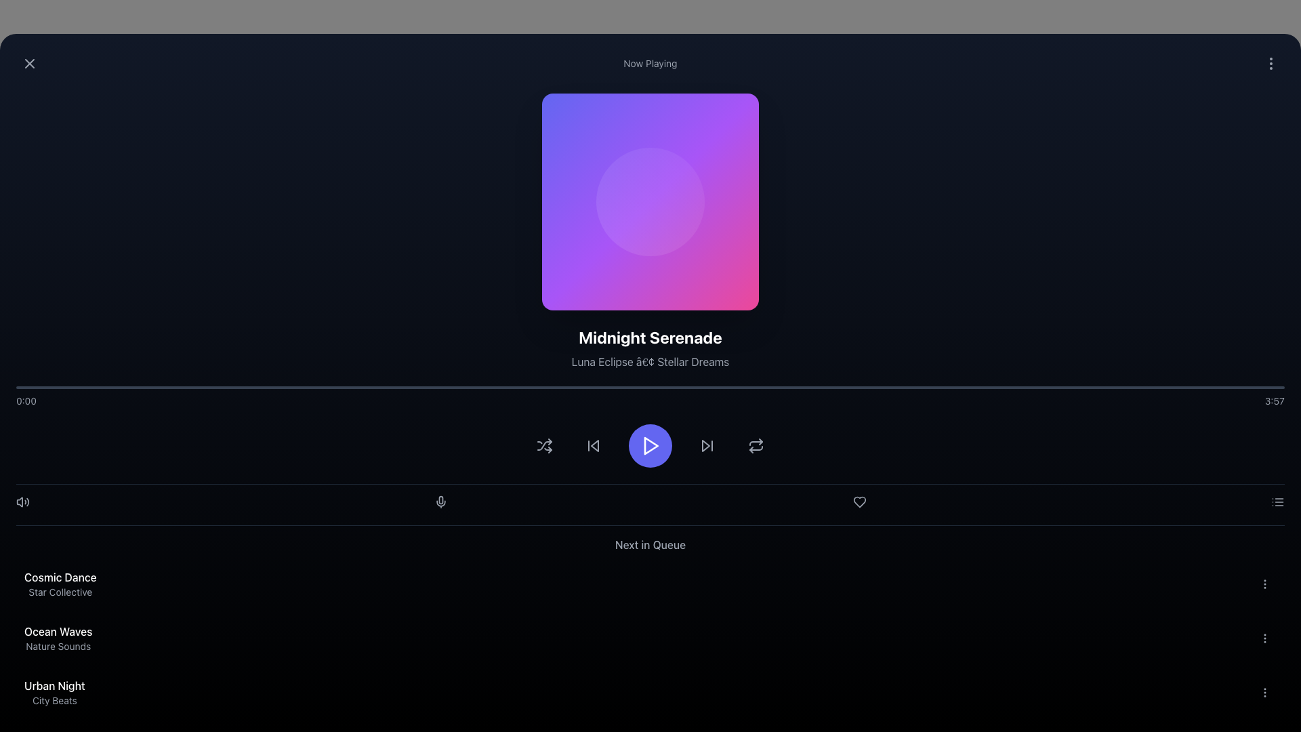 The image size is (1301, 732). Describe the element at coordinates (74, 387) in the screenshot. I see `playback` at that location.